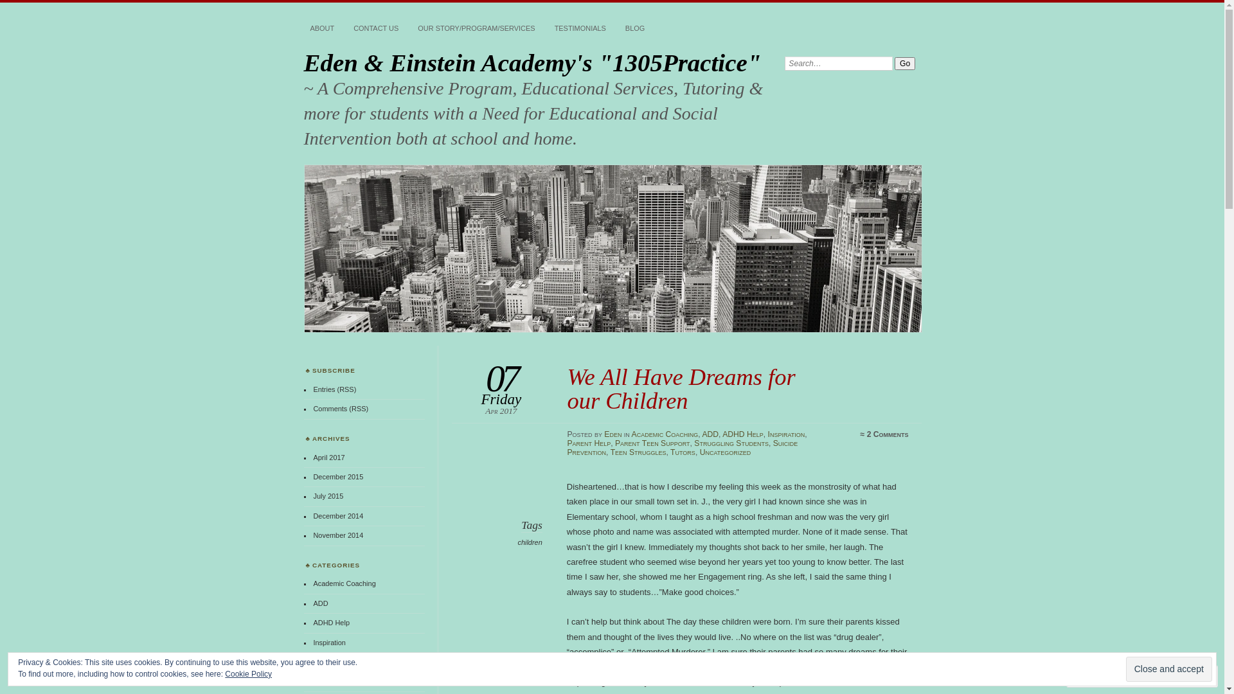 This screenshot has width=1234, height=694. I want to click on 'CONTACT US', so click(375, 29).